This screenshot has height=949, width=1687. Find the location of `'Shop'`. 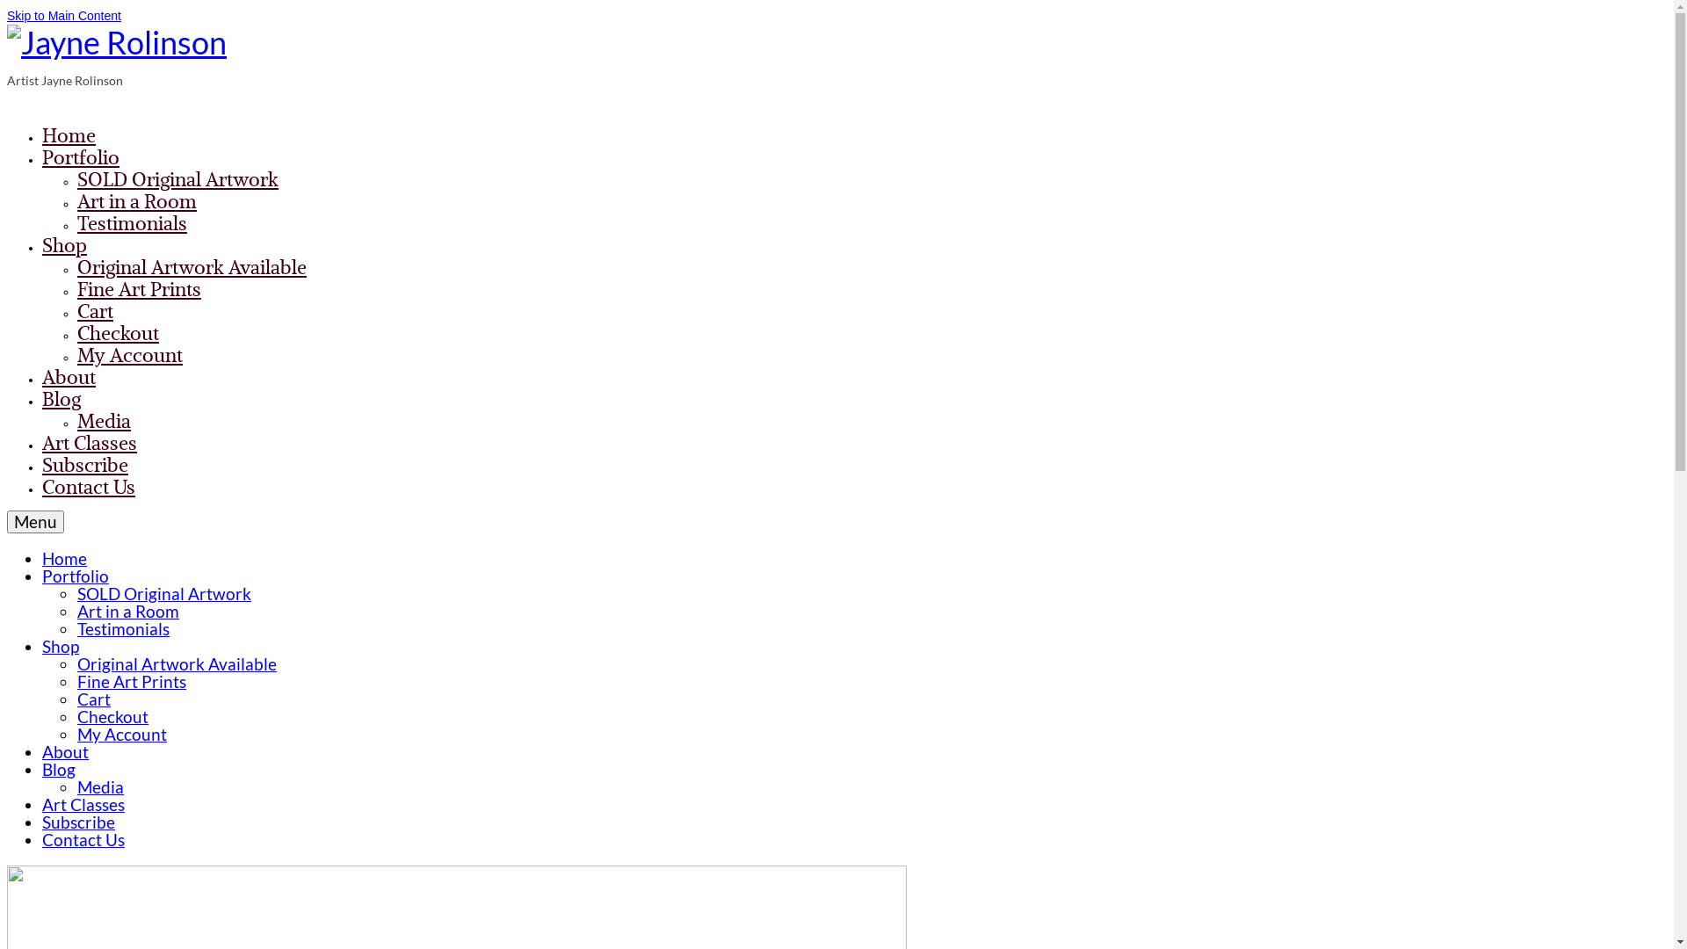

'Shop' is located at coordinates (64, 244).